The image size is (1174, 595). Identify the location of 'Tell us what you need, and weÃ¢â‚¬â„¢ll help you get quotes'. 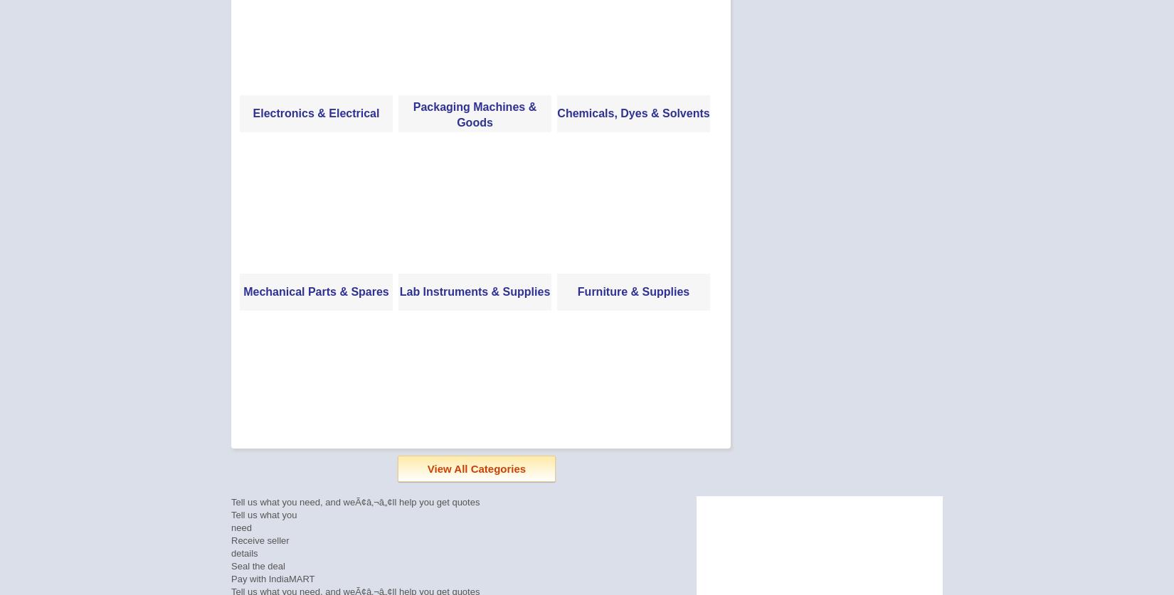
(354, 501).